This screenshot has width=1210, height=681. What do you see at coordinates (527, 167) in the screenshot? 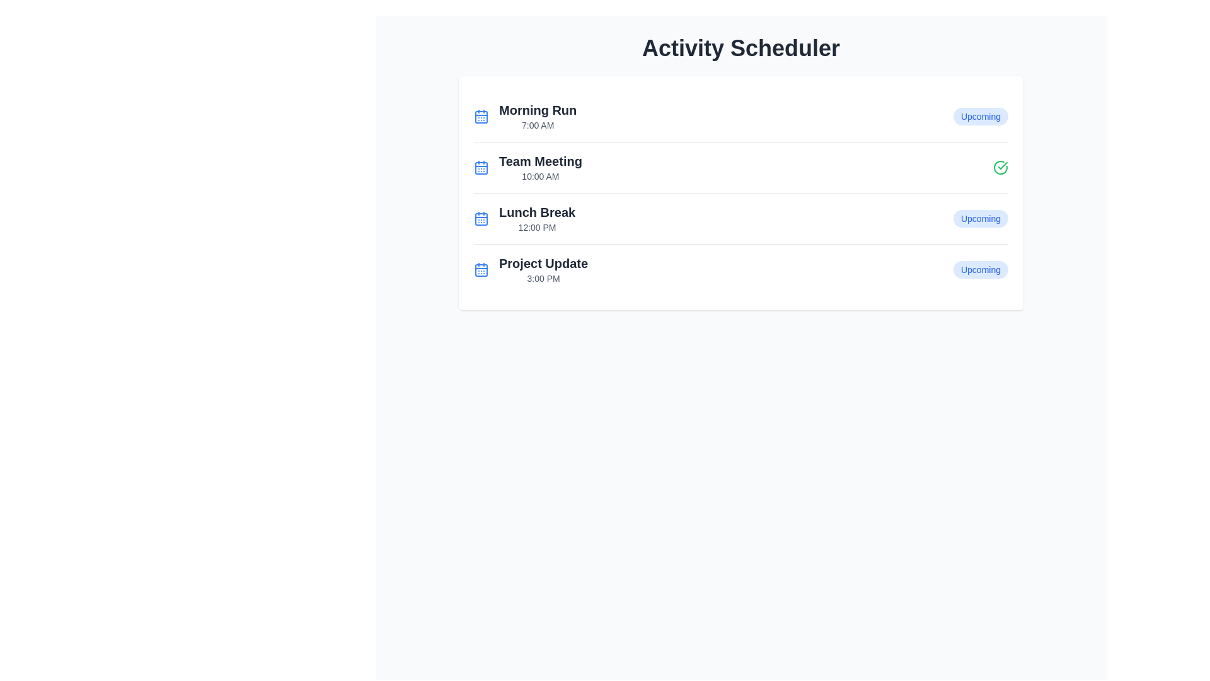
I see `the second event item, which is represented by a blue calendar icon and the title 'Team Meeting'` at bounding box center [527, 167].